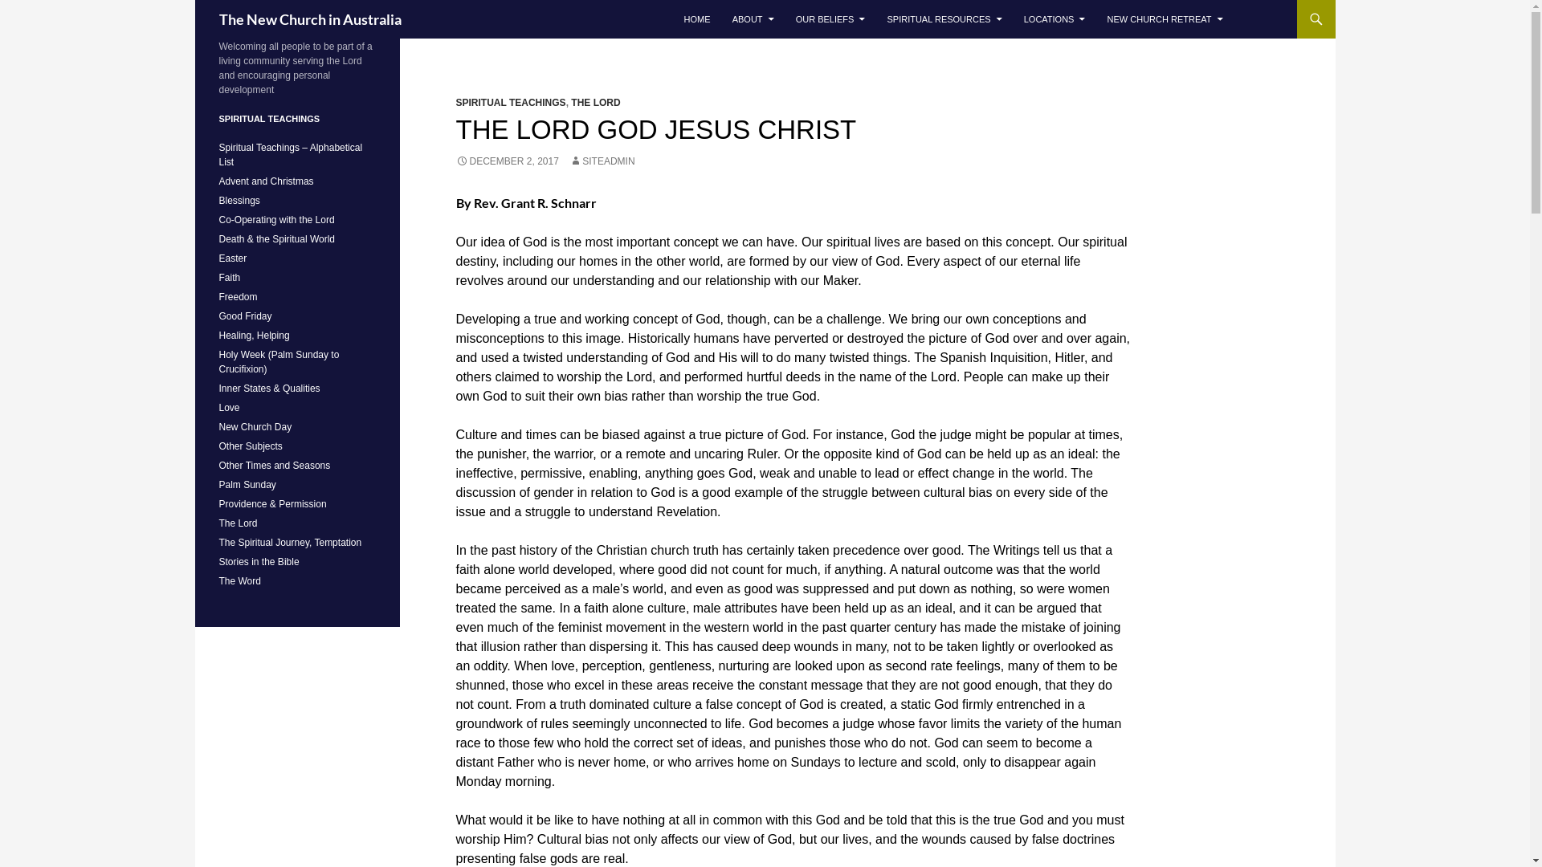  Describe the element at coordinates (289, 542) in the screenshot. I see `'The Spiritual Journey, Temptation'` at that location.